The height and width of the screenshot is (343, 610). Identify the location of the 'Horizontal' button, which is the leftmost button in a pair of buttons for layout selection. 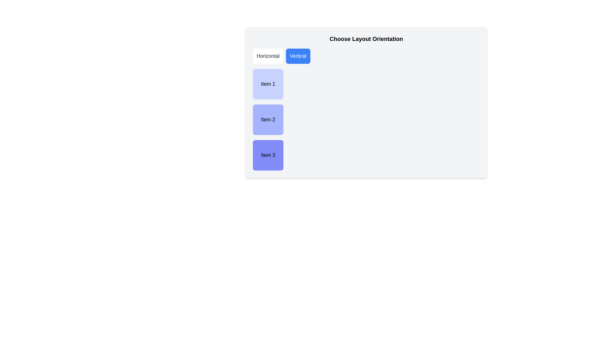
(268, 56).